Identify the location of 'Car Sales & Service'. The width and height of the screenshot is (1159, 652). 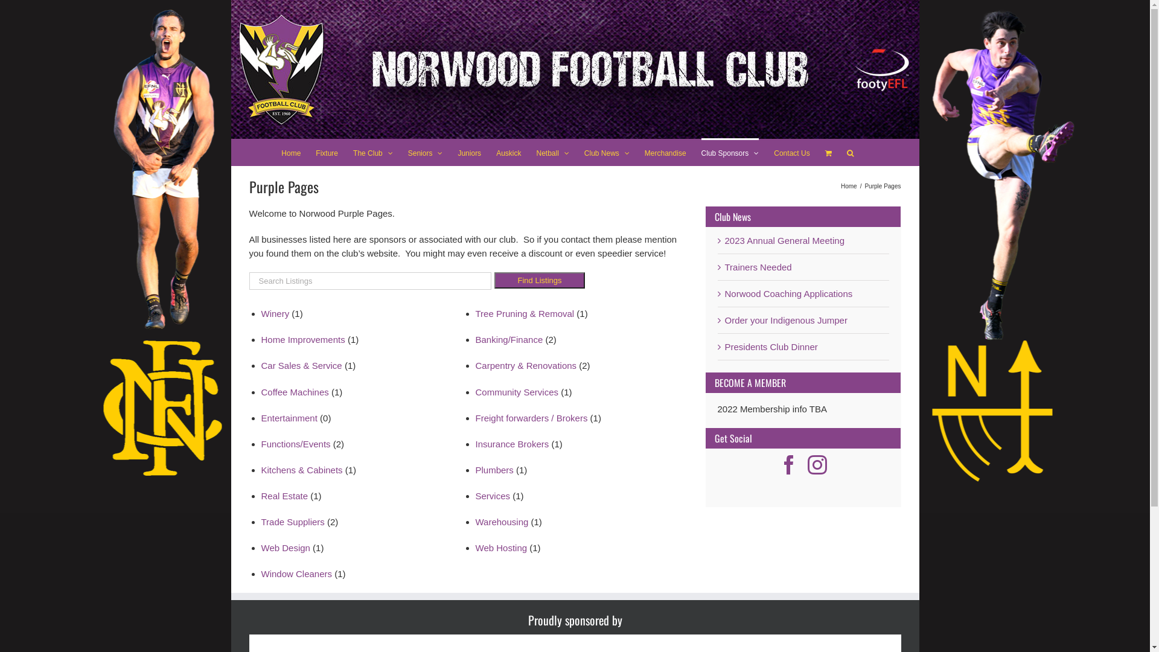
(301, 365).